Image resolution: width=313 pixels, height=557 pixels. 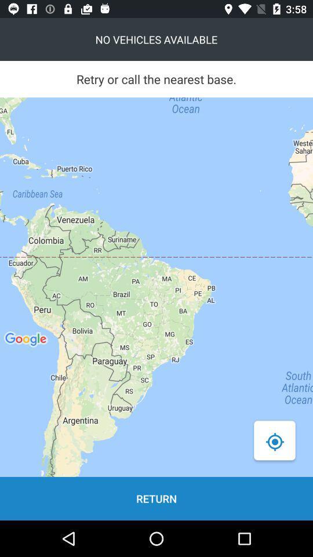 I want to click on the location_crosshair icon, so click(x=274, y=441).